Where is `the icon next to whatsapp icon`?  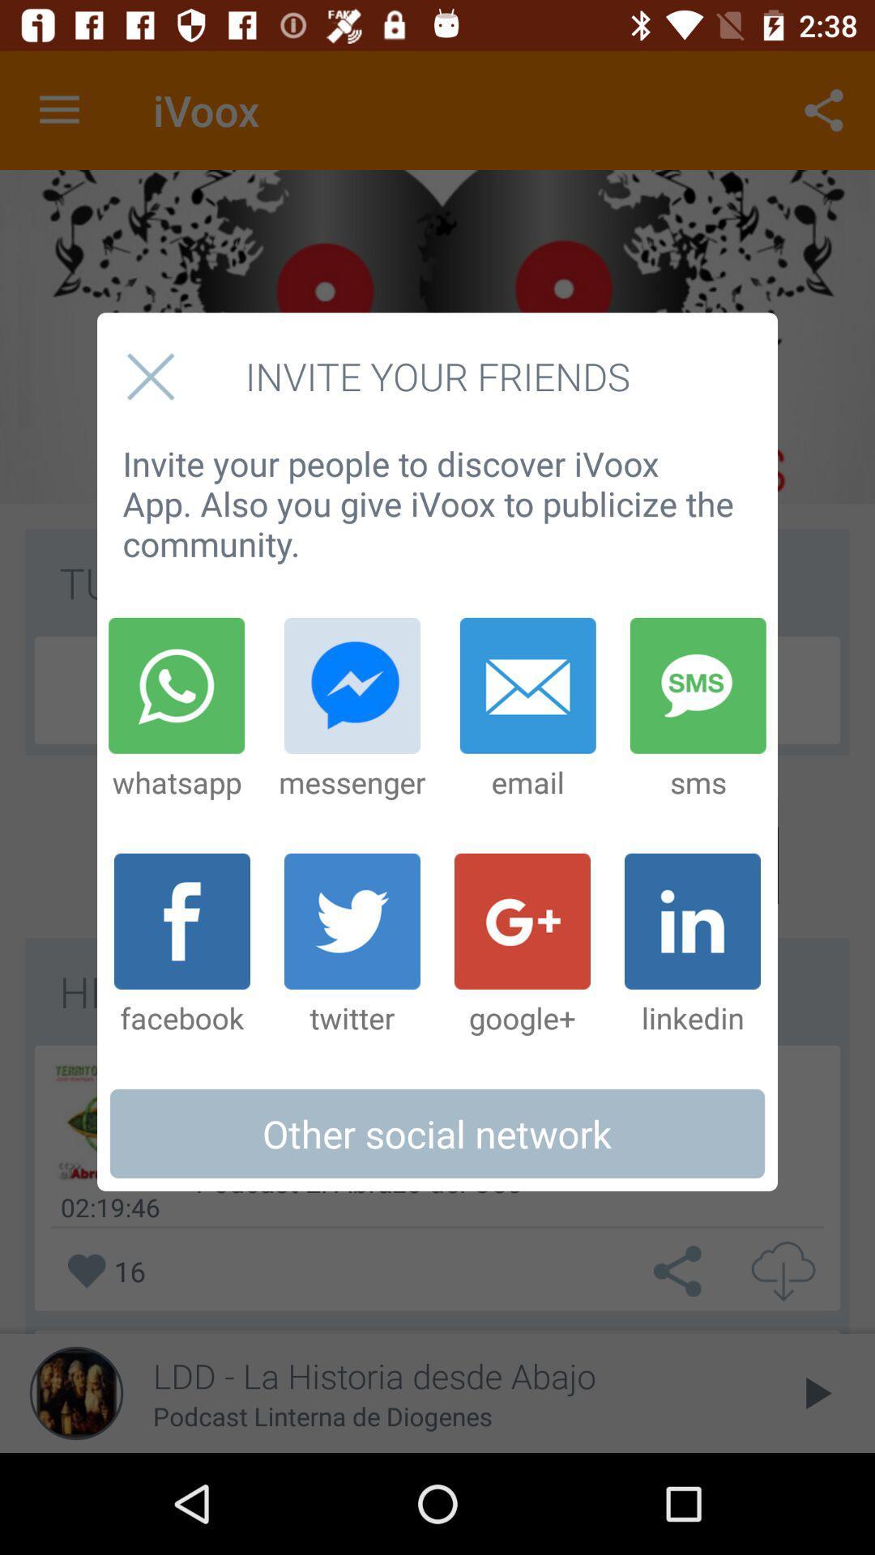 the icon next to whatsapp icon is located at coordinates (352, 709).